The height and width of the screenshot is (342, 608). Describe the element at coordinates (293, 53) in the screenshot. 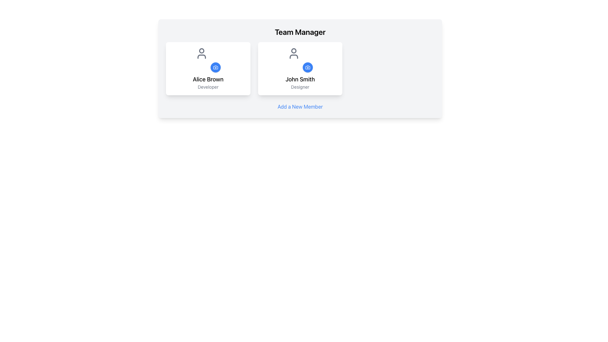

I see `the user profile icon, which is circular and gray, located at the top-center of the 'John Smith - Designer' profile card` at that location.